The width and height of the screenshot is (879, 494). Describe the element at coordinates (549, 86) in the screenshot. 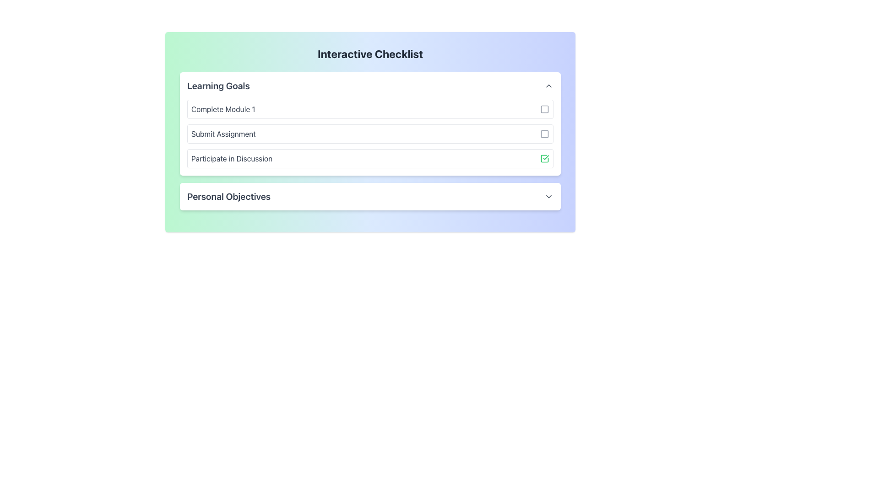

I see `the chevron icon in the top-right corner of the 'Learning Goals' section` at that location.